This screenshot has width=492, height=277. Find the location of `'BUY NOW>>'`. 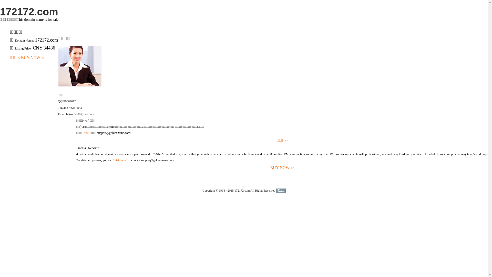

'BUY NOW>>' is located at coordinates (76, 168).